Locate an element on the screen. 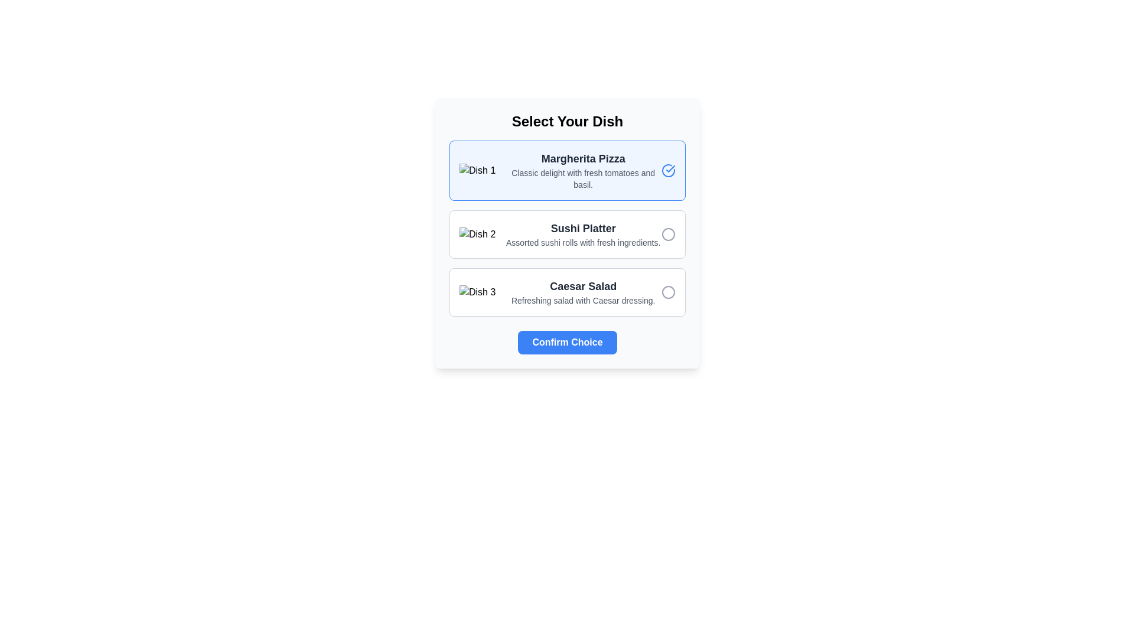  the selection status of the Circular check mark icon indicating the current selection for 'Margherita Pizza' is located at coordinates (669, 171).